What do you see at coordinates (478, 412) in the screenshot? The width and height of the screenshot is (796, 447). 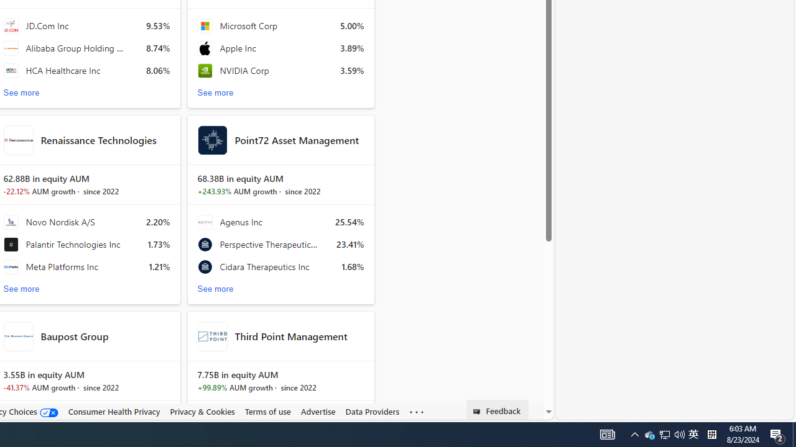 I see `'Class: feedback_link_icon-DS-EntryPoint1-1'` at bounding box center [478, 412].